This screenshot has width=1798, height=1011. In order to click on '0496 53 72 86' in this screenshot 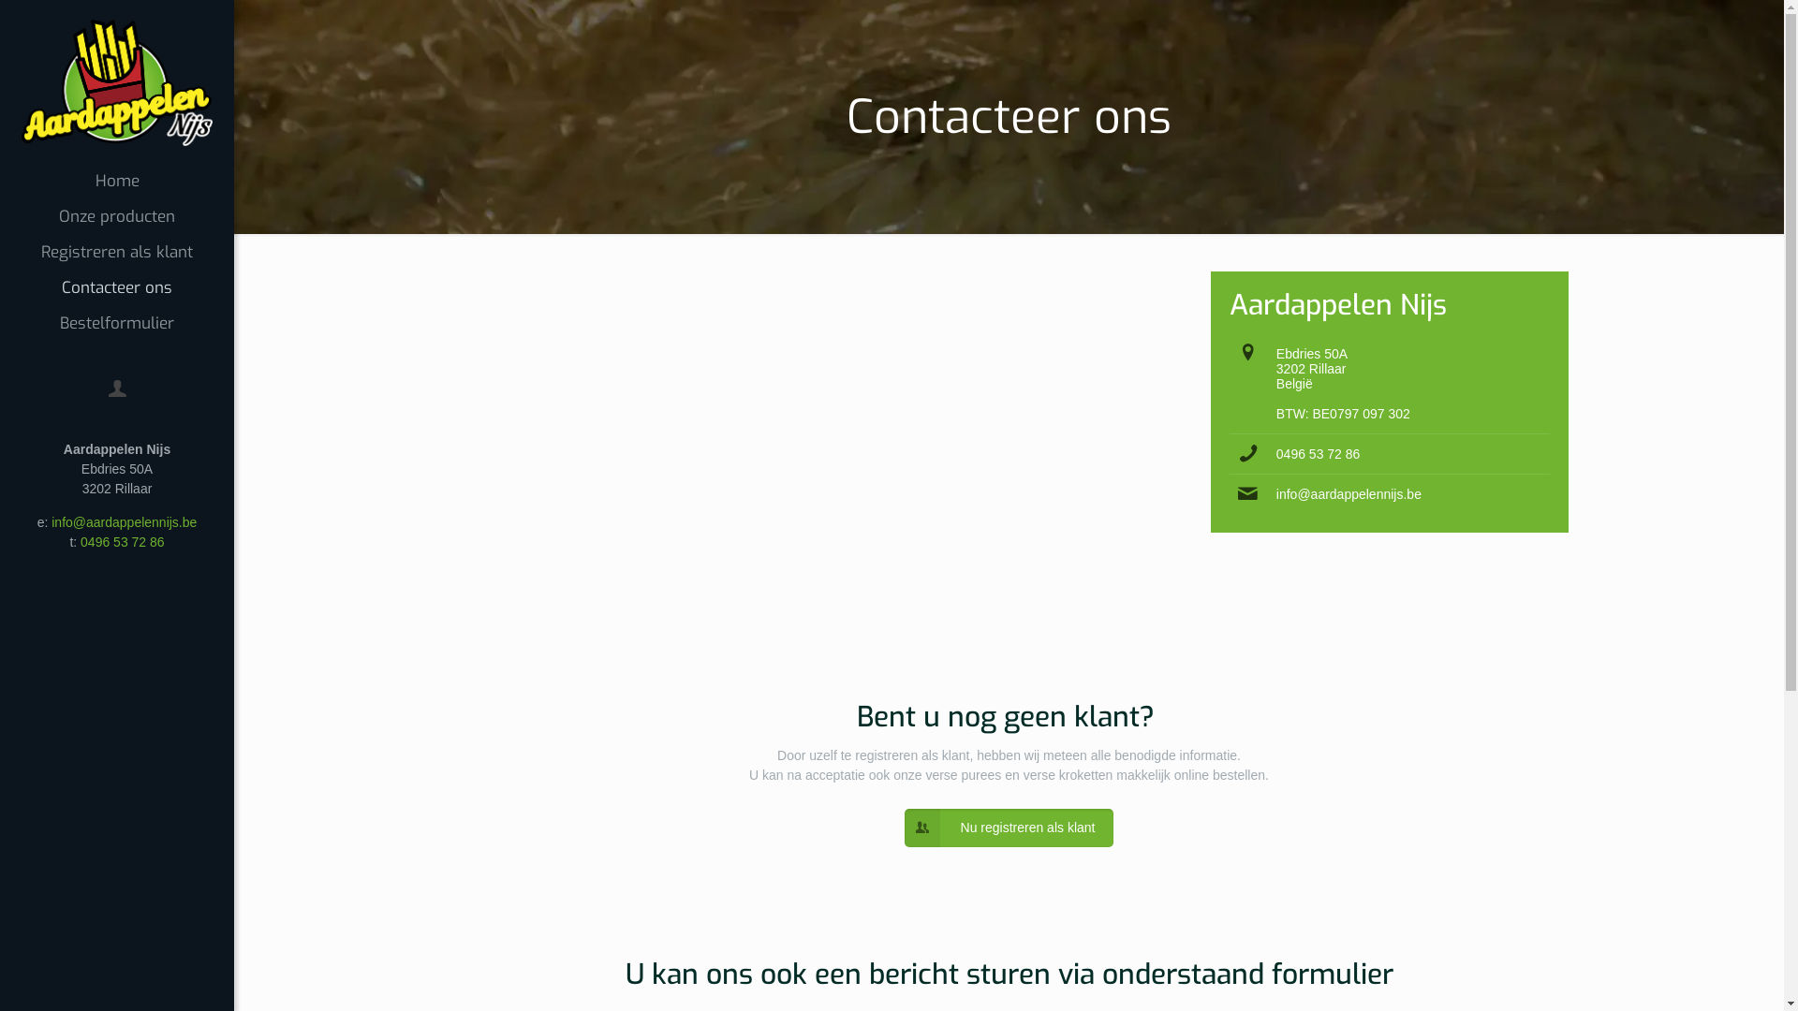, I will do `click(121, 541)`.